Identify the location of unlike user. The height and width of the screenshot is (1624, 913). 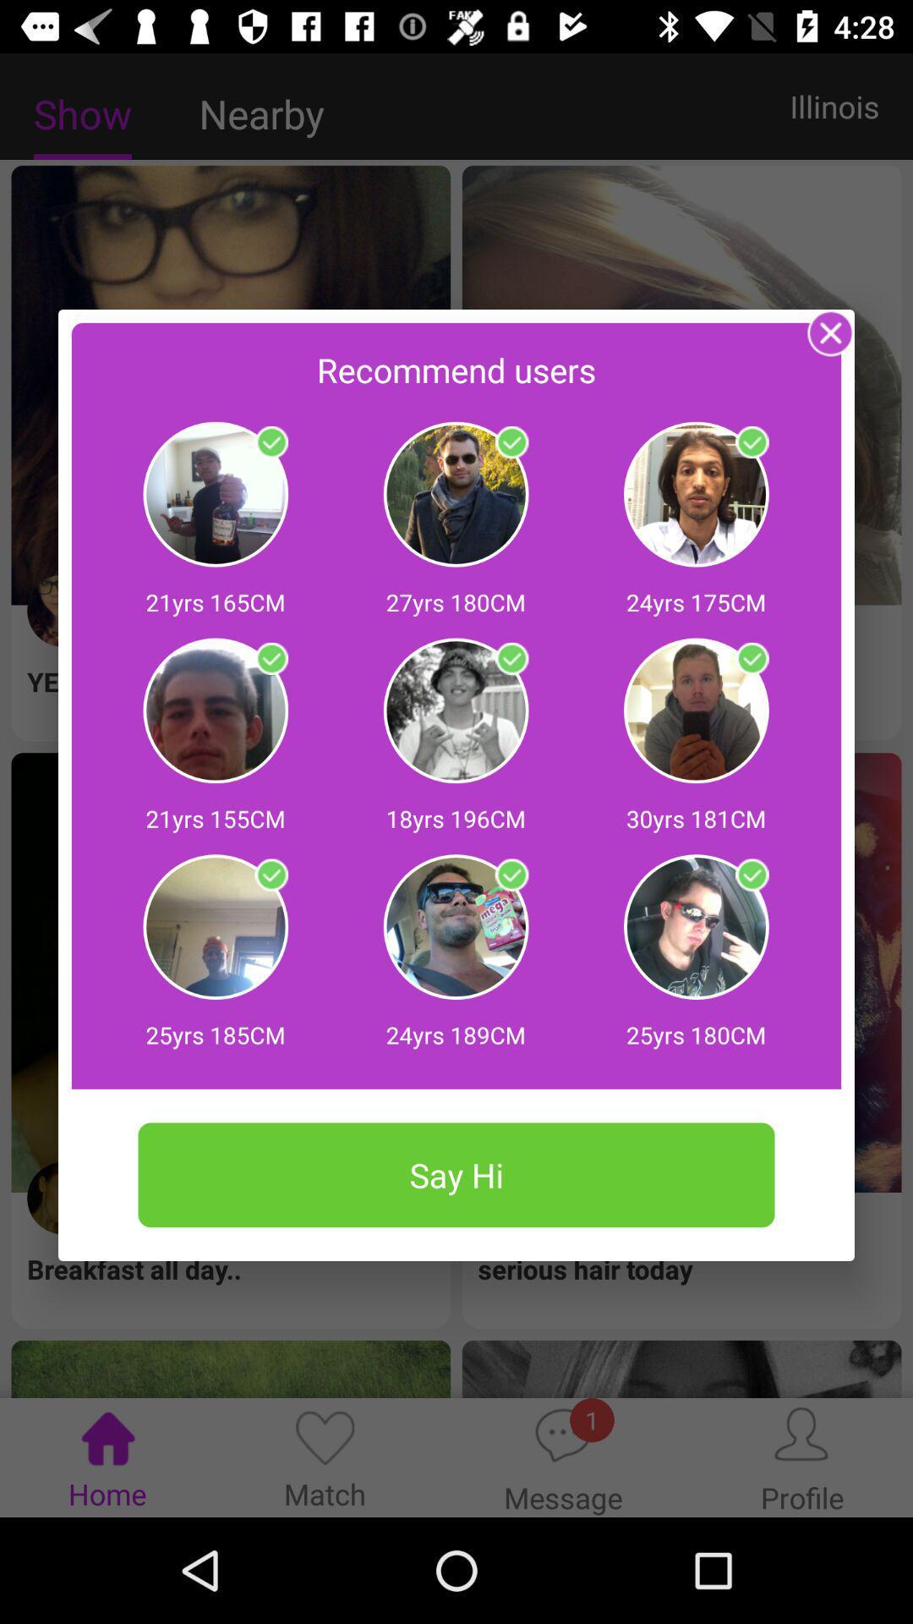
(751, 658).